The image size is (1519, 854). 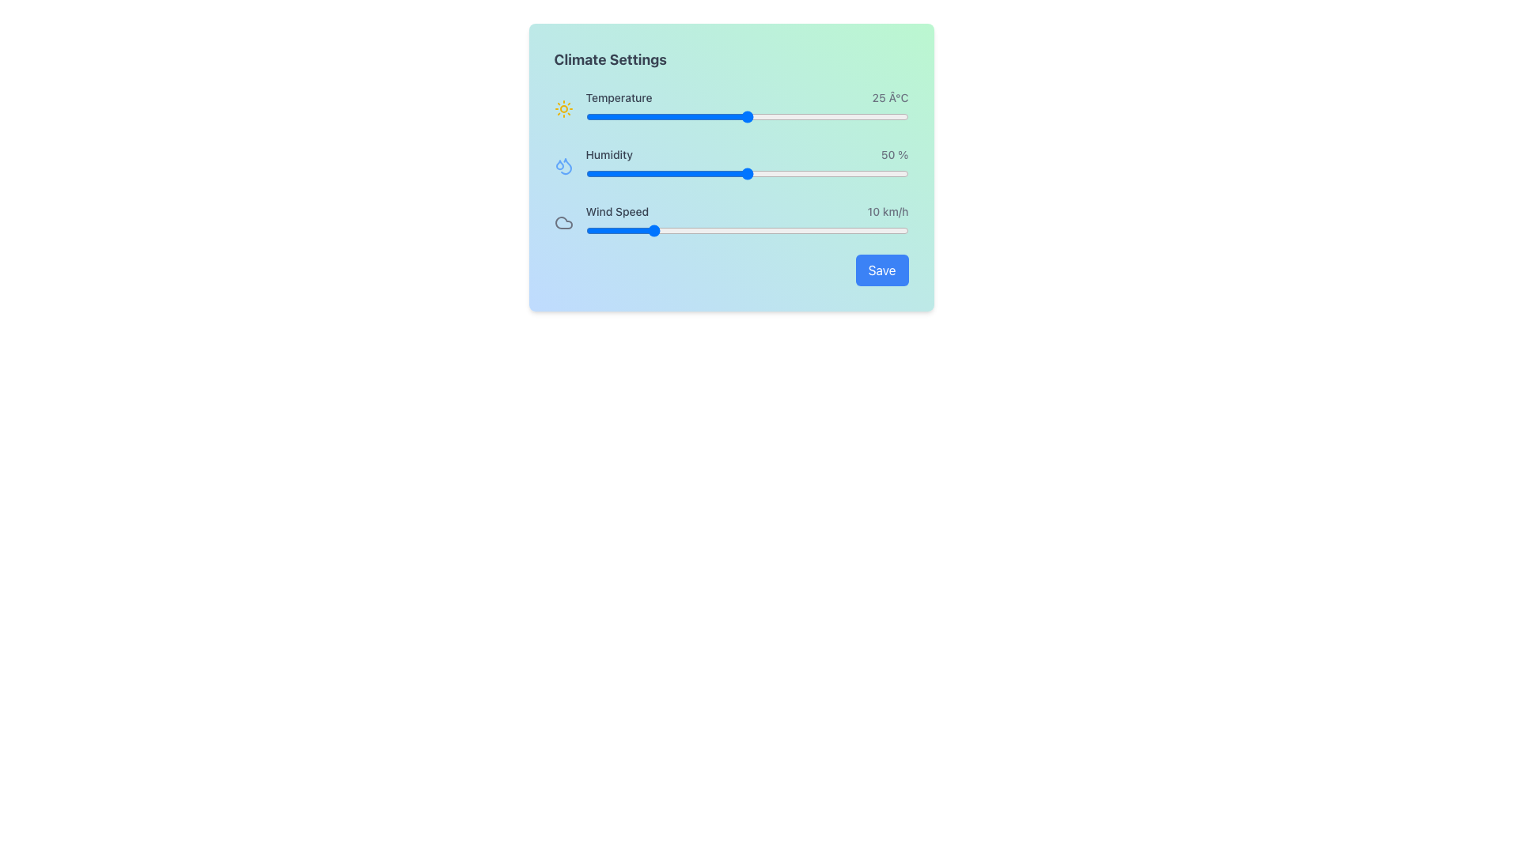 I want to click on wind speed, so click(x=643, y=231).